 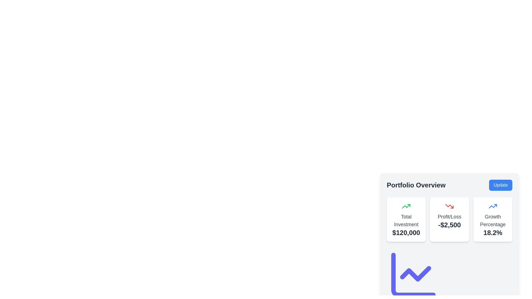 What do you see at coordinates (406, 233) in the screenshot?
I see `total investment value displayed in the text display located in the card labeled 'Total Investment', centered below the label` at bounding box center [406, 233].